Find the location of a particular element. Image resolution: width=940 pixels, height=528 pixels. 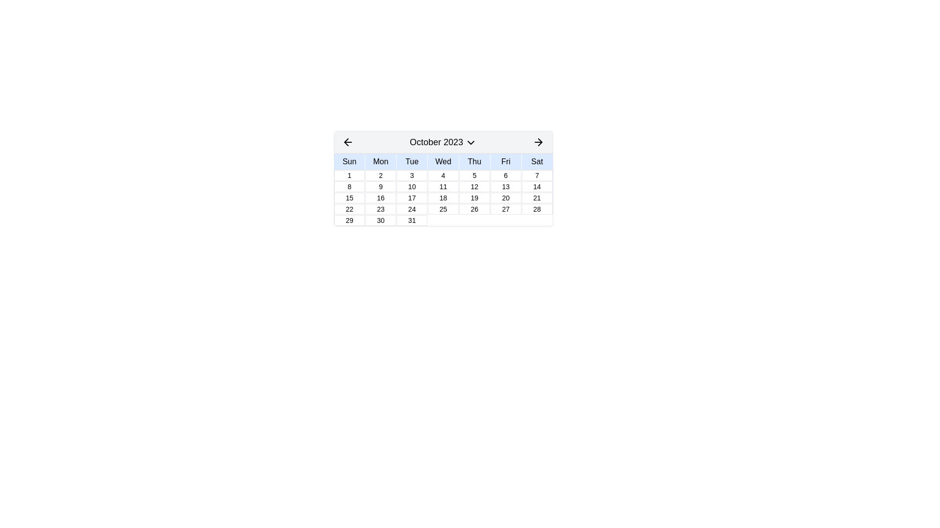

the calendar date cell that contains the digit '1' in a bold, black font, located in the first column and first row of the grid layout is located at coordinates (349, 175).